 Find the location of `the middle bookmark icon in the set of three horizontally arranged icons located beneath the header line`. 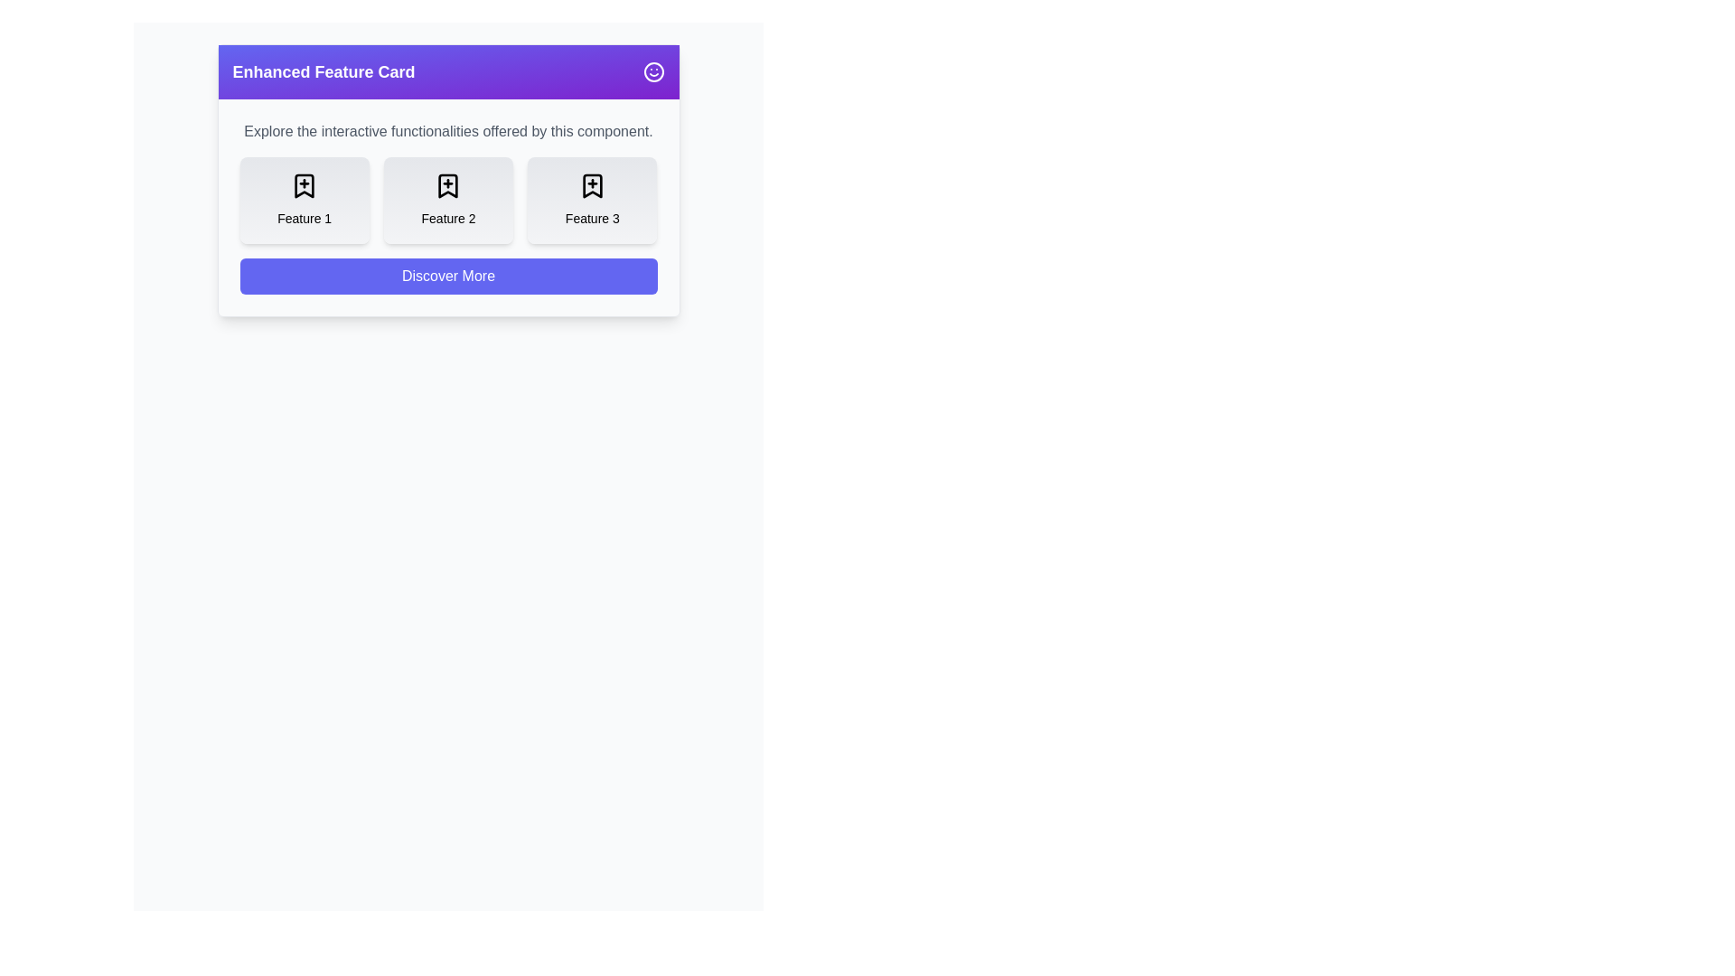

the middle bookmark icon in the set of three horizontally arranged icons located beneath the header line is located at coordinates (448, 185).